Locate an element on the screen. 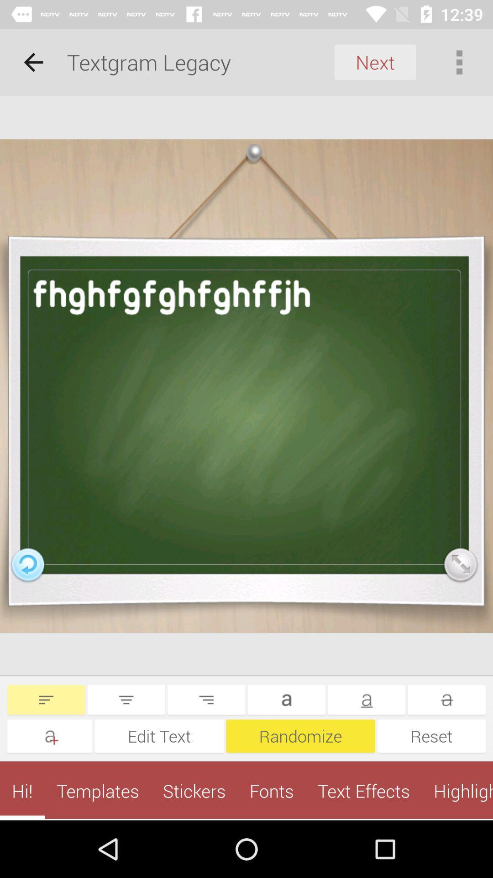 The height and width of the screenshot is (878, 493). stickers app is located at coordinates (194, 790).